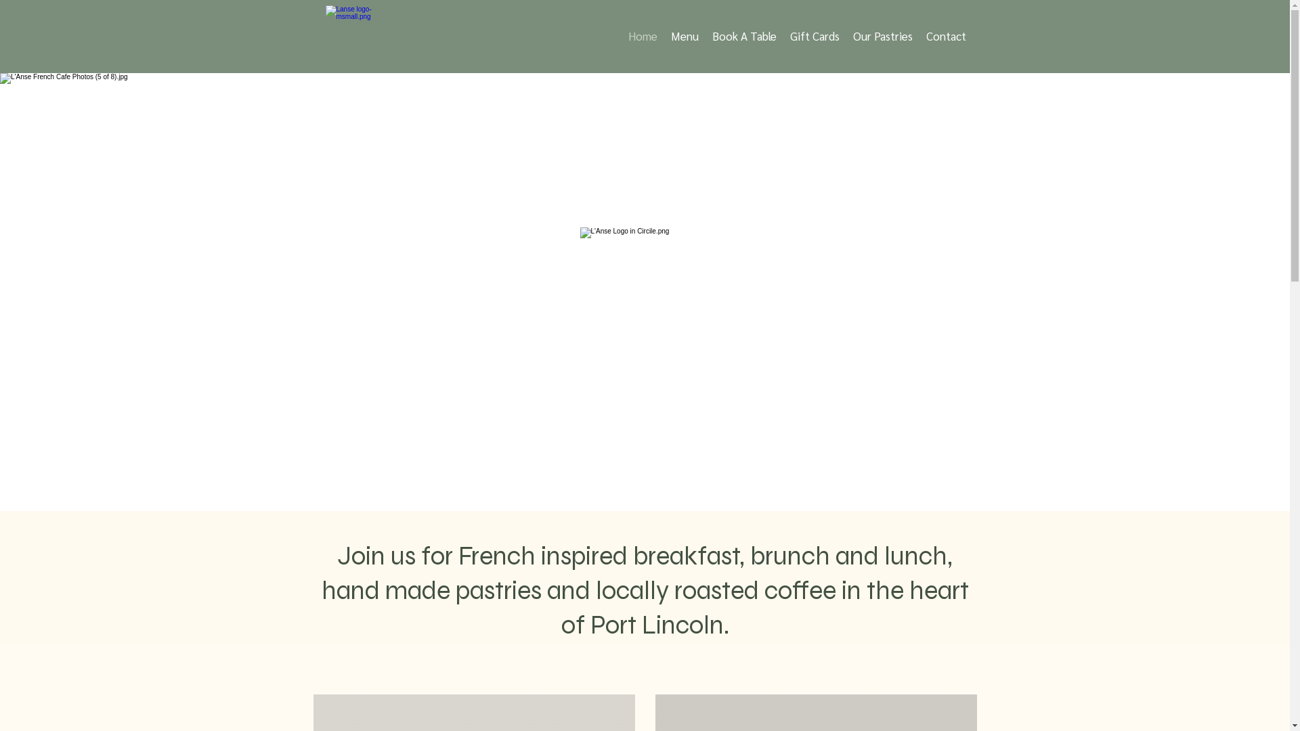  What do you see at coordinates (783, 35) in the screenshot?
I see `'Gift Cards'` at bounding box center [783, 35].